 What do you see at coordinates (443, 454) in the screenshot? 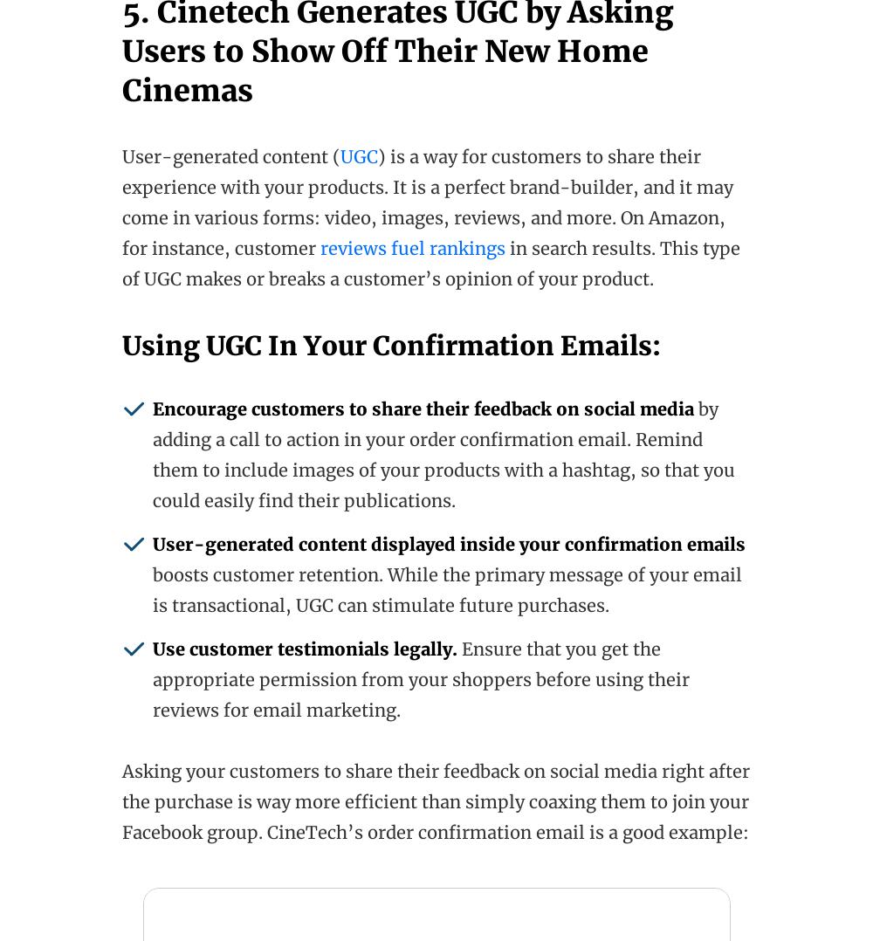
I see `'by adding a call to action in your order confirmation email. Remind them to include images of your products with a hashtag, so that you could easily find their publications.'` at bounding box center [443, 454].